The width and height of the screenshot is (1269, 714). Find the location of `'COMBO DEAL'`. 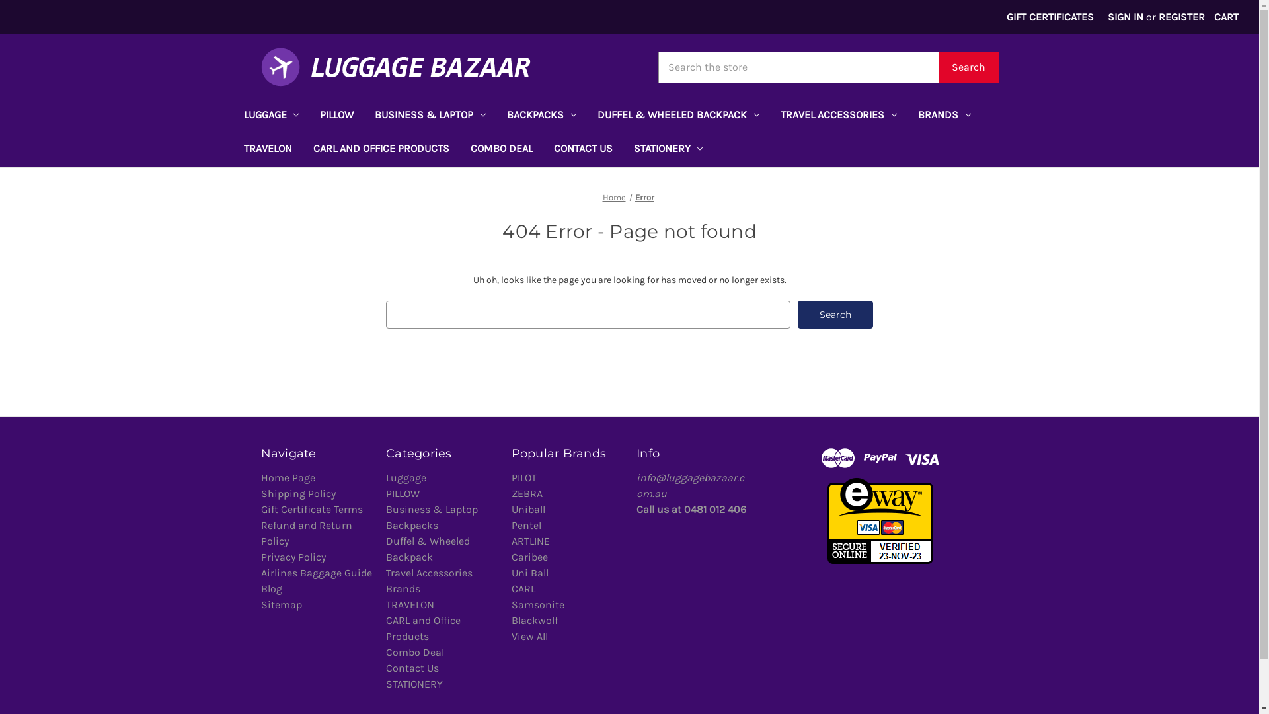

'COMBO DEAL' is located at coordinates (500, 149).